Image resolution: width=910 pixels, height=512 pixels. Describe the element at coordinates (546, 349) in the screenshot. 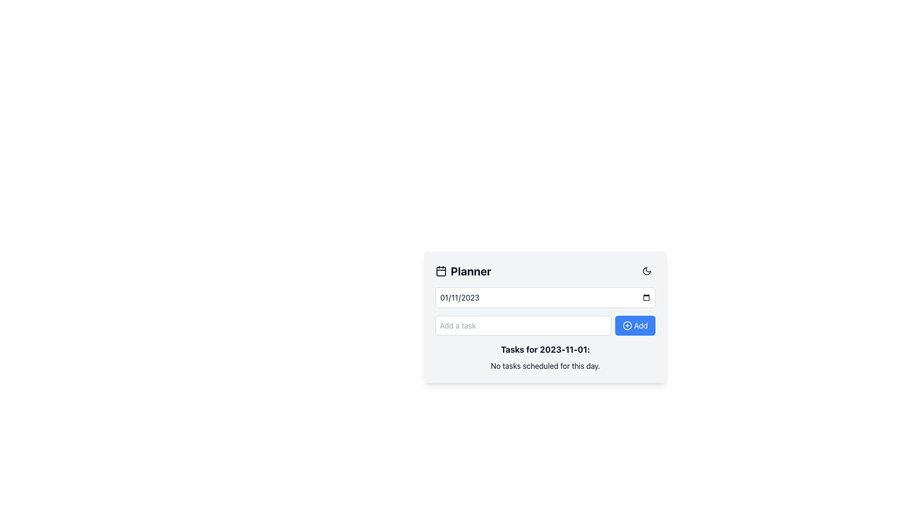

I see `text label indicating the tasks associated with the date '2023-11-01', positioned at the center of the planner card interface` at that location.